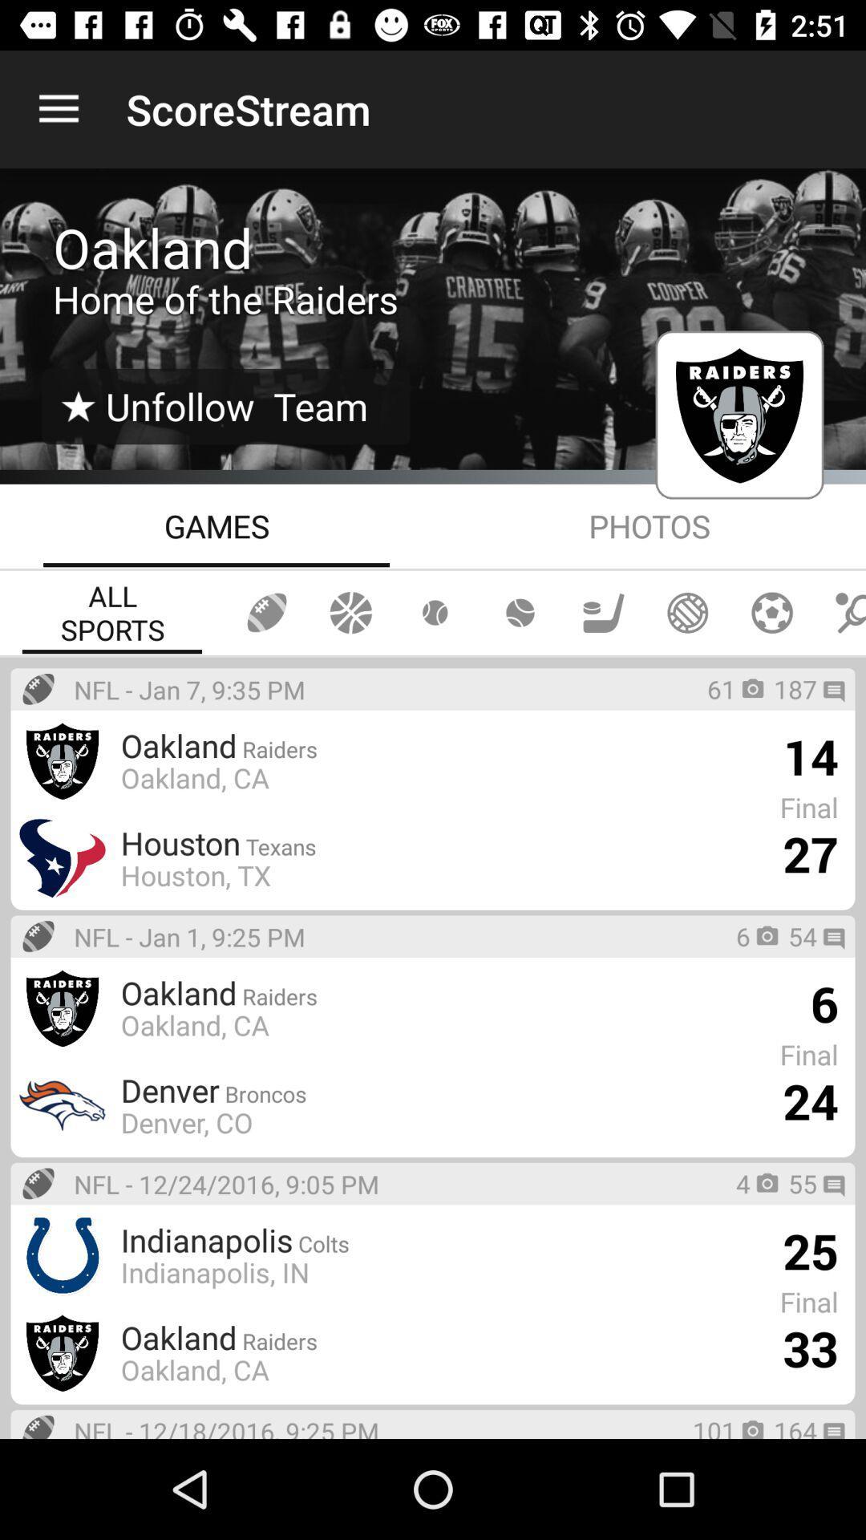 Image resolution: width=866 pixels, height=1540 pixels. What do you see at coordinates (214, 1271) in the screenshot?
I see `the item below the nfl 12 24 icon` at bounding box center [214, 1271].